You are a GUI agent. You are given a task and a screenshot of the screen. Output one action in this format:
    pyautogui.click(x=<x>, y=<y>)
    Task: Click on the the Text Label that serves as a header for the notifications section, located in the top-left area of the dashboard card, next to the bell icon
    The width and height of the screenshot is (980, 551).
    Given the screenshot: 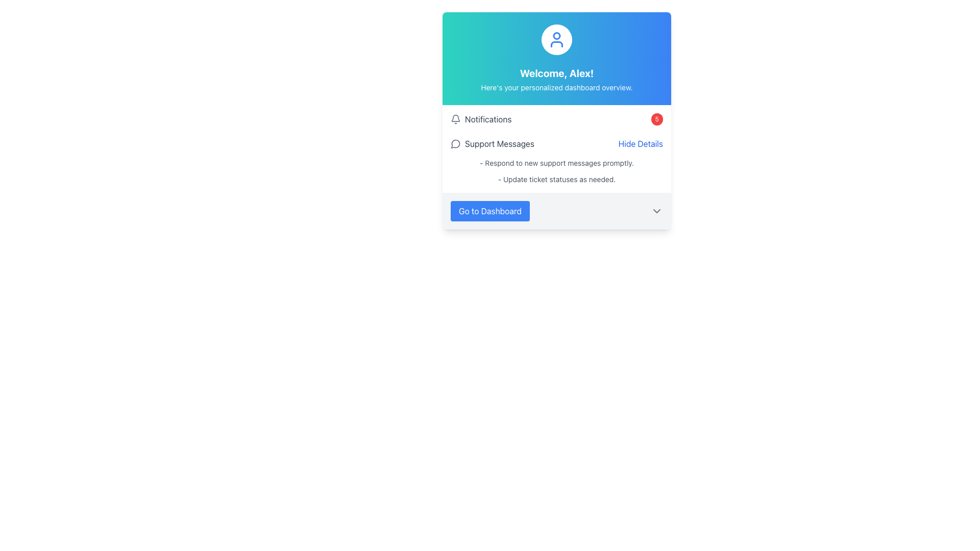 What is the action you would take?
    pyautogui.click(x=487, y=119)
    